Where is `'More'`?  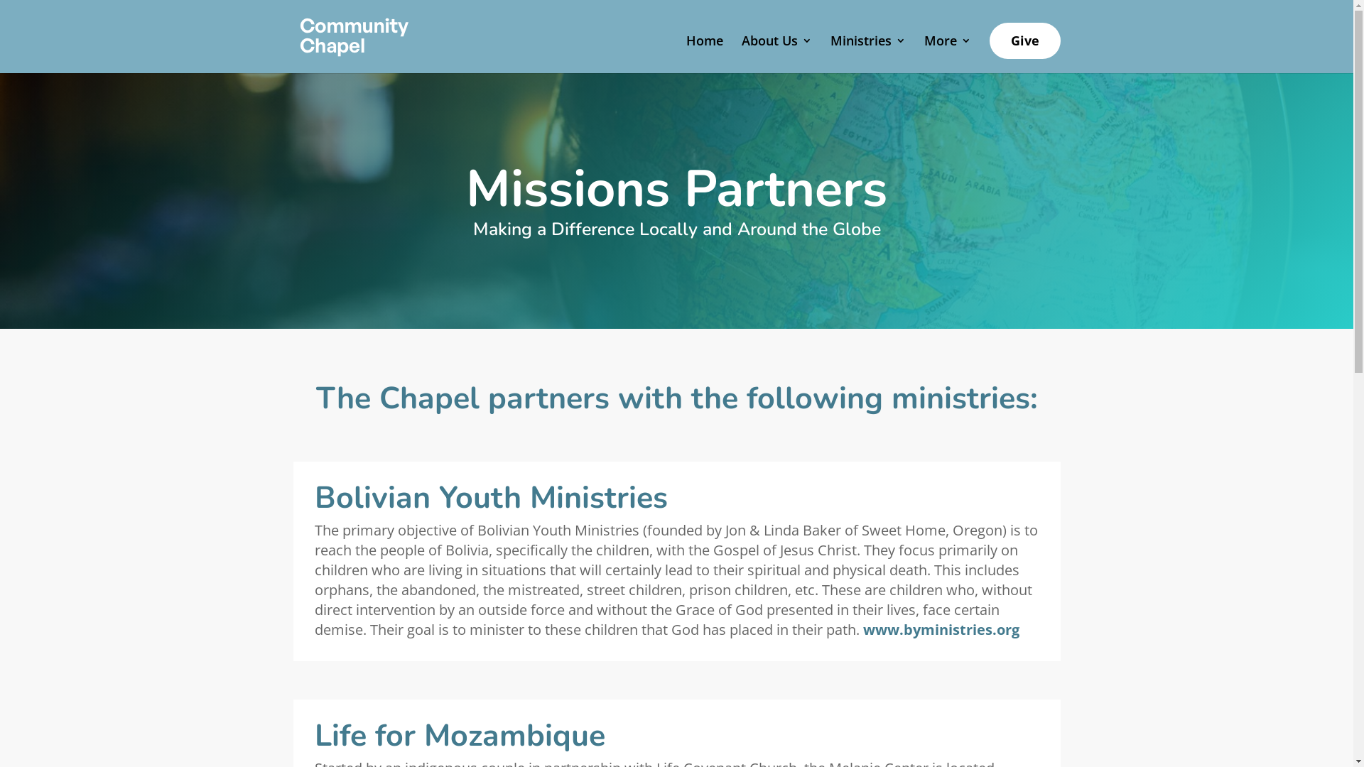
'More' is located at coordinates (947, 51).